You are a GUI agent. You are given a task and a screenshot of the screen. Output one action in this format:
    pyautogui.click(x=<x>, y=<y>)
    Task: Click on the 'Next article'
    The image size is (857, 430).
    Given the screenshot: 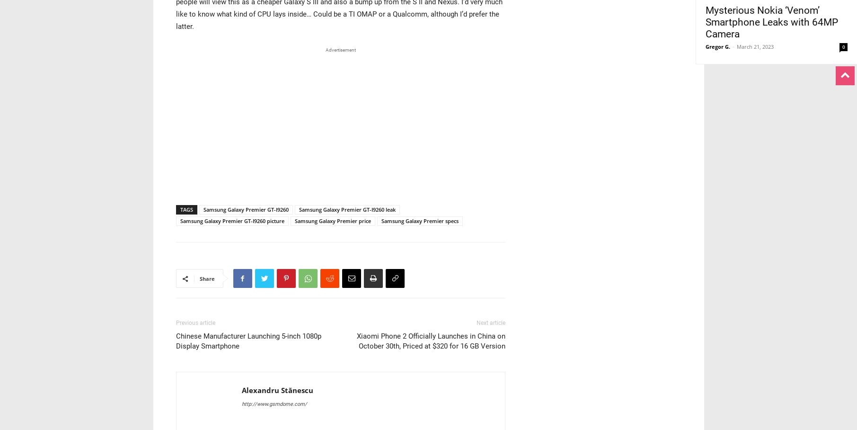 What is the action you would take?
    pyautogui.click(x=490, y=322)
    